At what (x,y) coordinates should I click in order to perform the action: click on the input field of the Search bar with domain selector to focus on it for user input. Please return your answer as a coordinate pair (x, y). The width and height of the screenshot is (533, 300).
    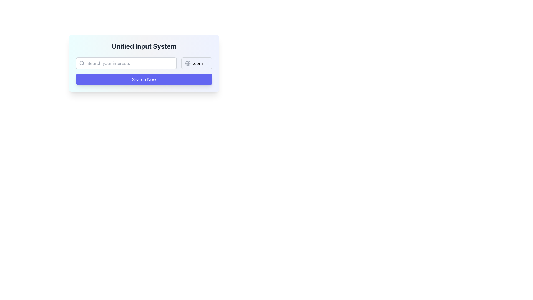
    Looking at the image, I should click on (144, 63).